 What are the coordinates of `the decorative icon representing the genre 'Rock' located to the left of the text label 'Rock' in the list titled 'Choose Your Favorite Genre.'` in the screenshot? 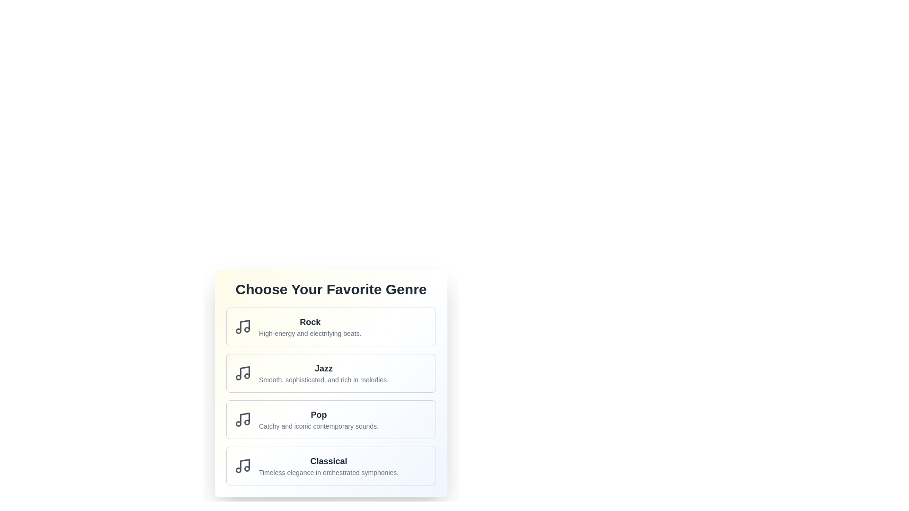 It's located at (243, 326).